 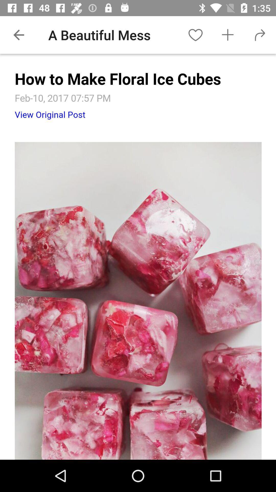 What do you see at coordinates (138, 257) in the screenshot?
I see `expand the article` at bounding box center [138, 257].